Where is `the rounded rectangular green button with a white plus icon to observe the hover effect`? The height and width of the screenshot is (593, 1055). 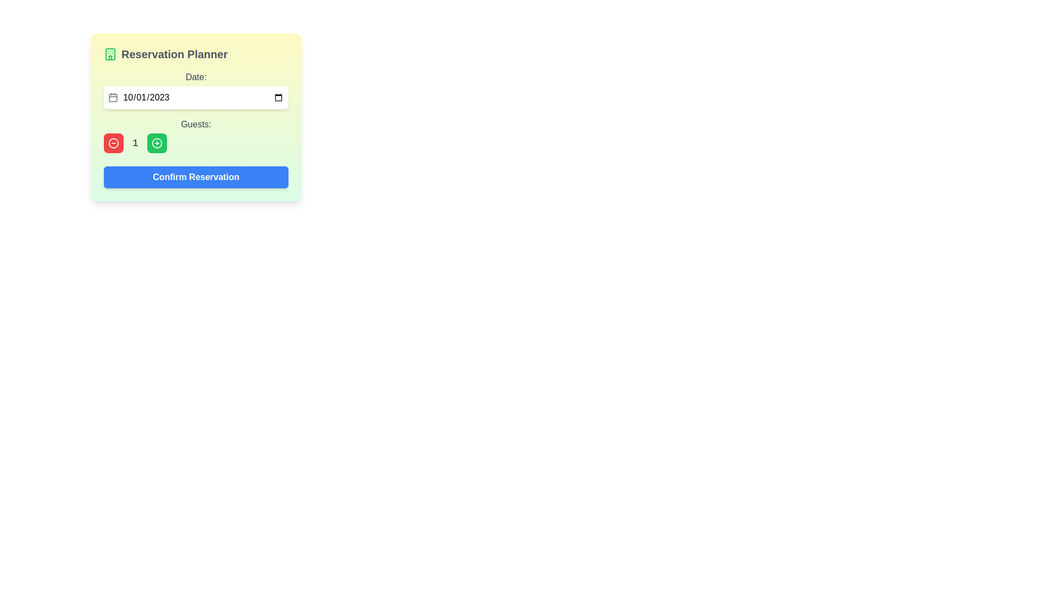
the rounded rectangular green button with a white plus icon to observe the hover effect is located at coordinates (156, 143).